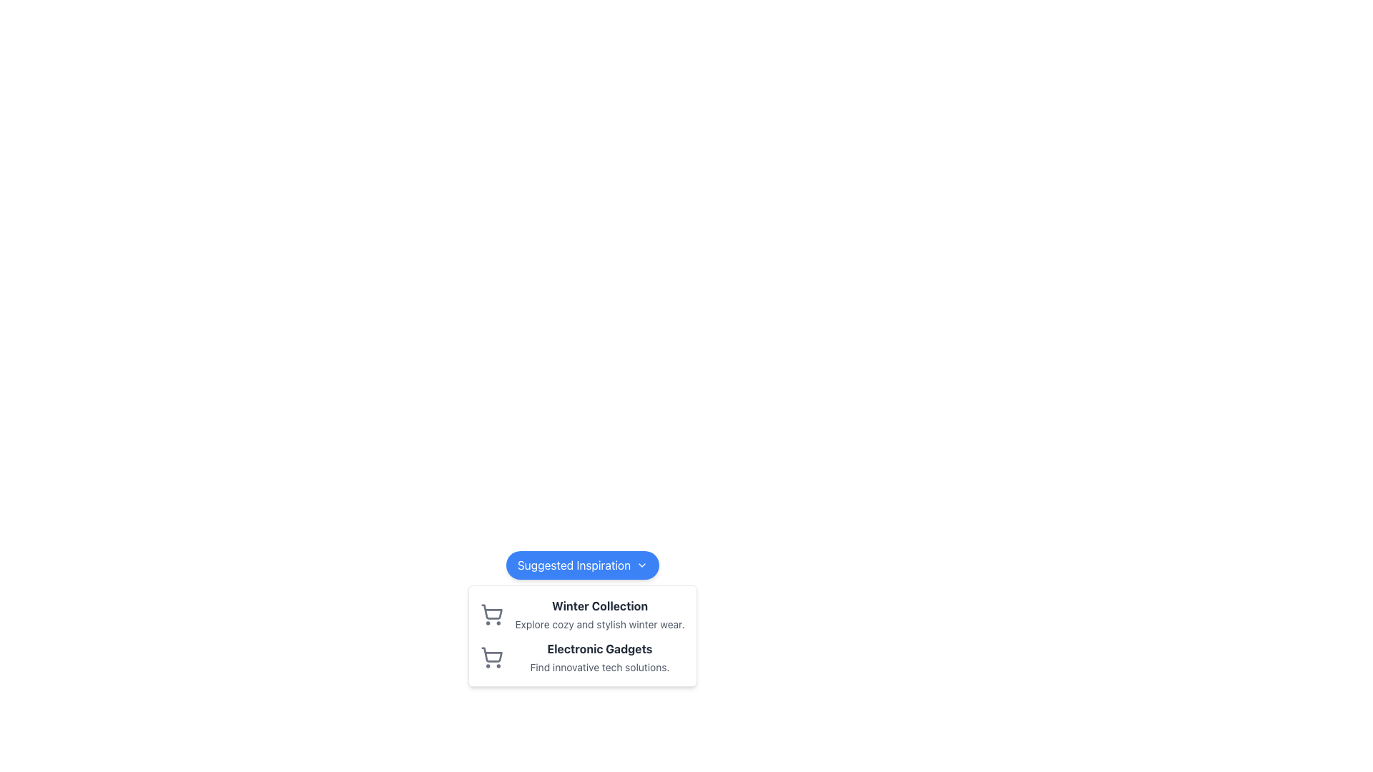  Describe the element at coordinates (600, 606) in the screenshot. I see `text of the bold dark gray 'Winter Collection' label, which is prominently displayed at the top of a textual block within a card-like design under the 'Suggested Inspiration' heading` at that location.